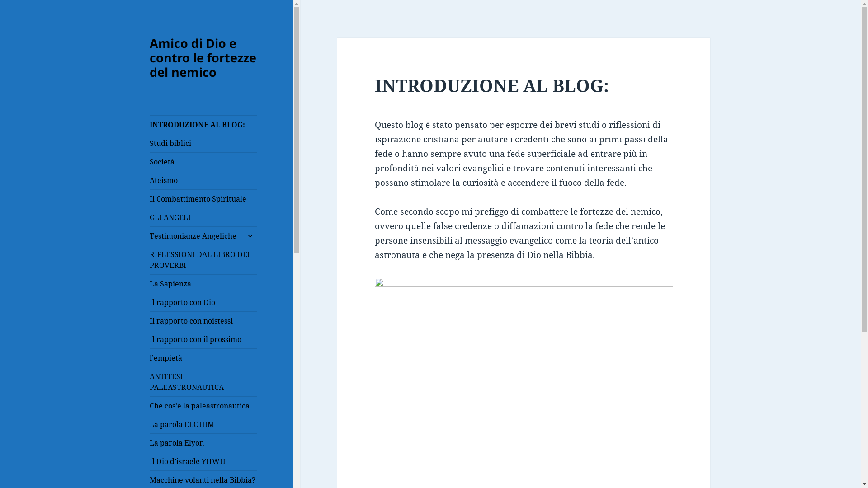 The image size is (868, 488). I want to click on 'La parola Elyon', so click(203, 442).